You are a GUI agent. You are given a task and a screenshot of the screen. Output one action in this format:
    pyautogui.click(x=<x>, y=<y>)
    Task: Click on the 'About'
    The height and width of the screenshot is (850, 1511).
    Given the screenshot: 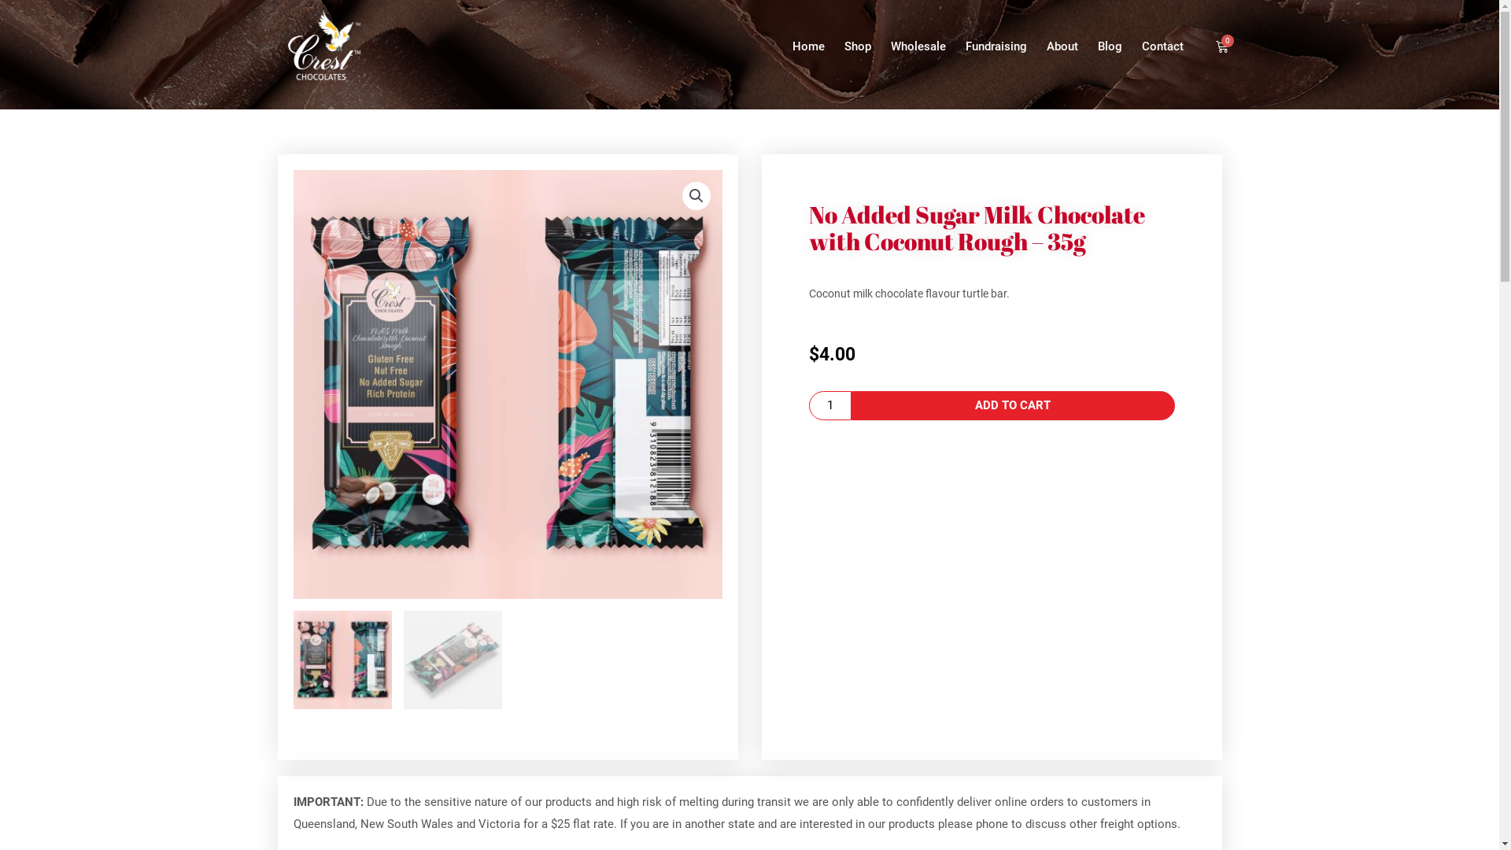 What is the action you would take?
    pyautogui.click(x=1062, y=45)
    